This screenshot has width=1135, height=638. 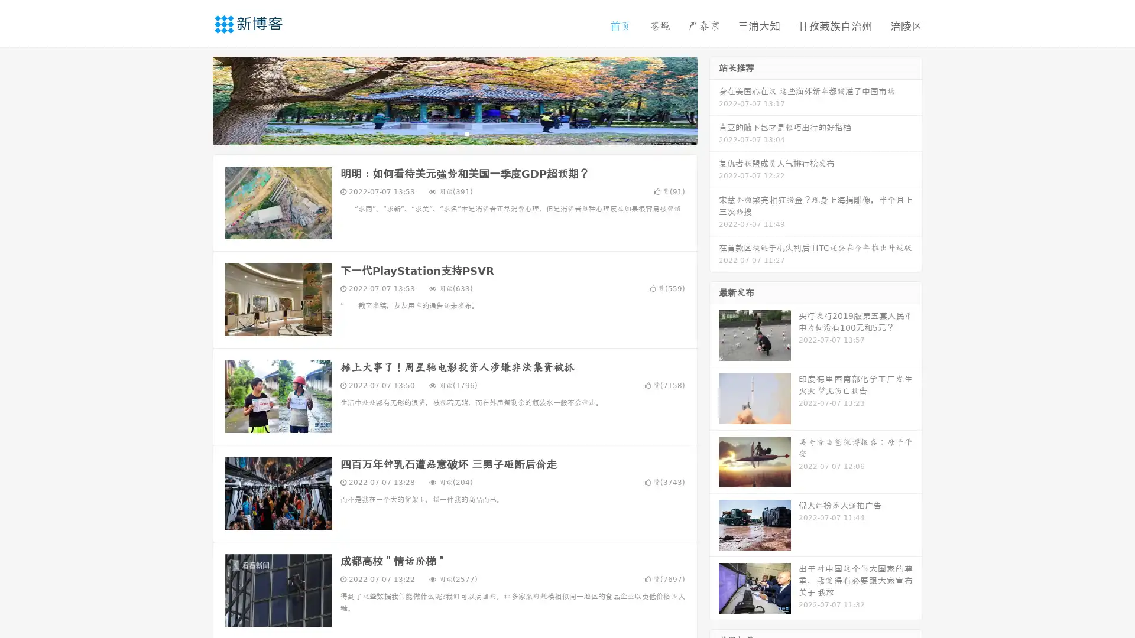 I want to click on Go to slide 3, so click(x=466, y=133).